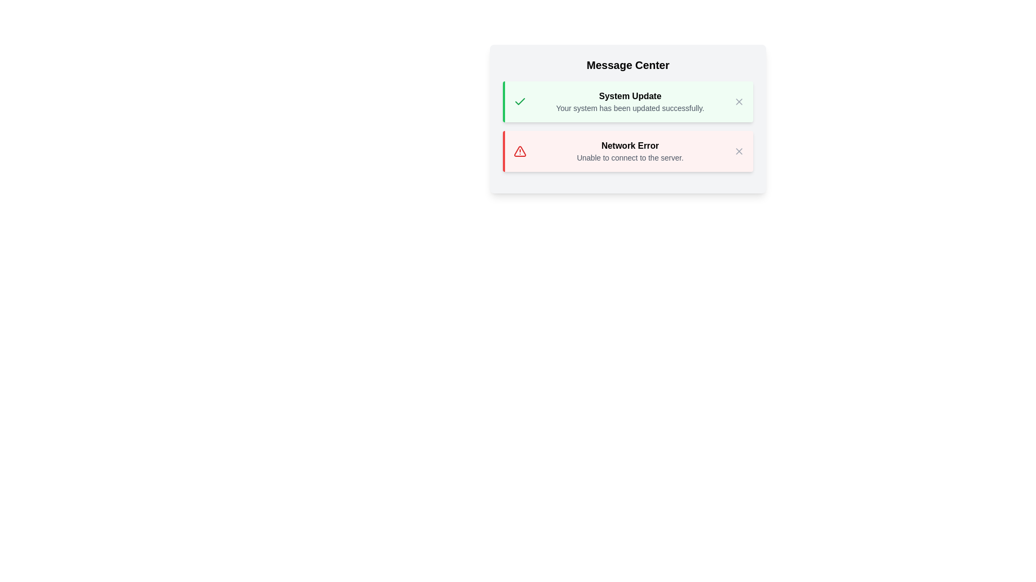 This screenshot has width=1036, height=582. What do you see at coordinates (520, 102) in the screenshot?
I see `the success icon located in the top-left corner of the green notification box, which indicates that the system update was successful` at bounding box center [520, 102].